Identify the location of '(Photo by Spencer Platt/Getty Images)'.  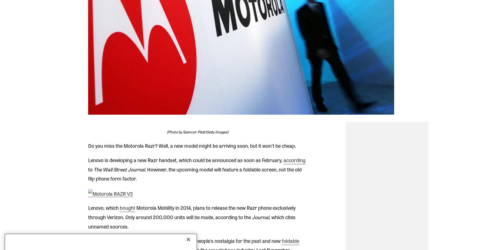
(166, 132).